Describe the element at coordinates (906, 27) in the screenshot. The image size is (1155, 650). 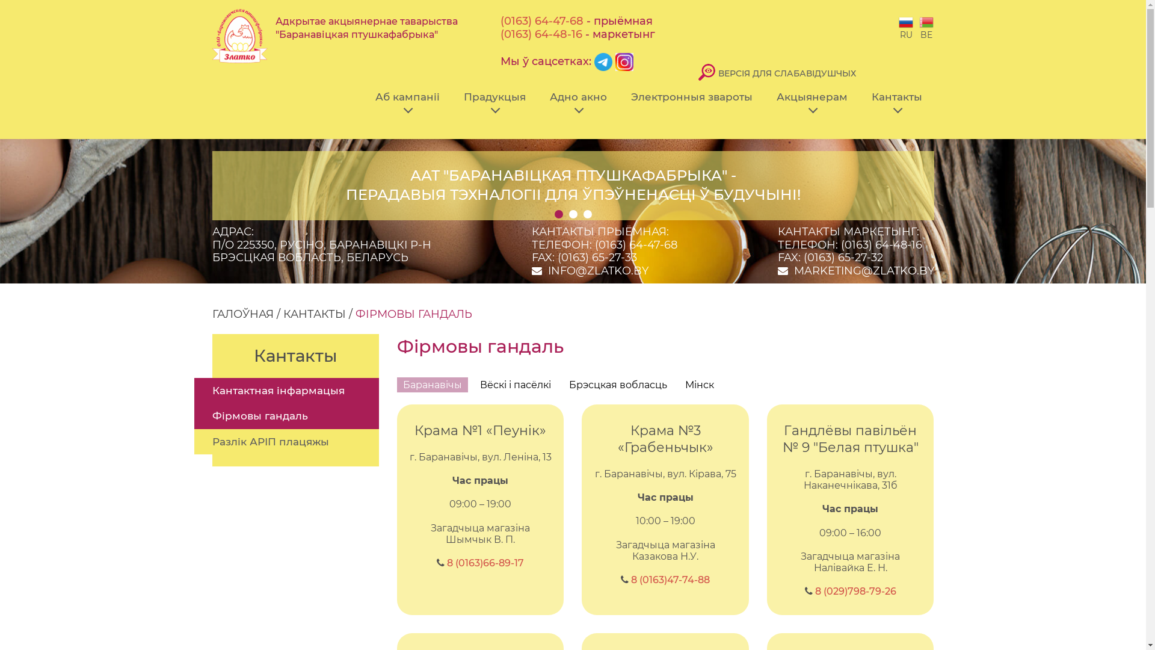
I see `'RU'` at that location.